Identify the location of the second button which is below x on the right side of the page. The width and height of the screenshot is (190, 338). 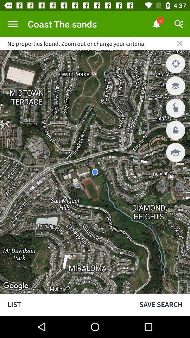
(175, 86).